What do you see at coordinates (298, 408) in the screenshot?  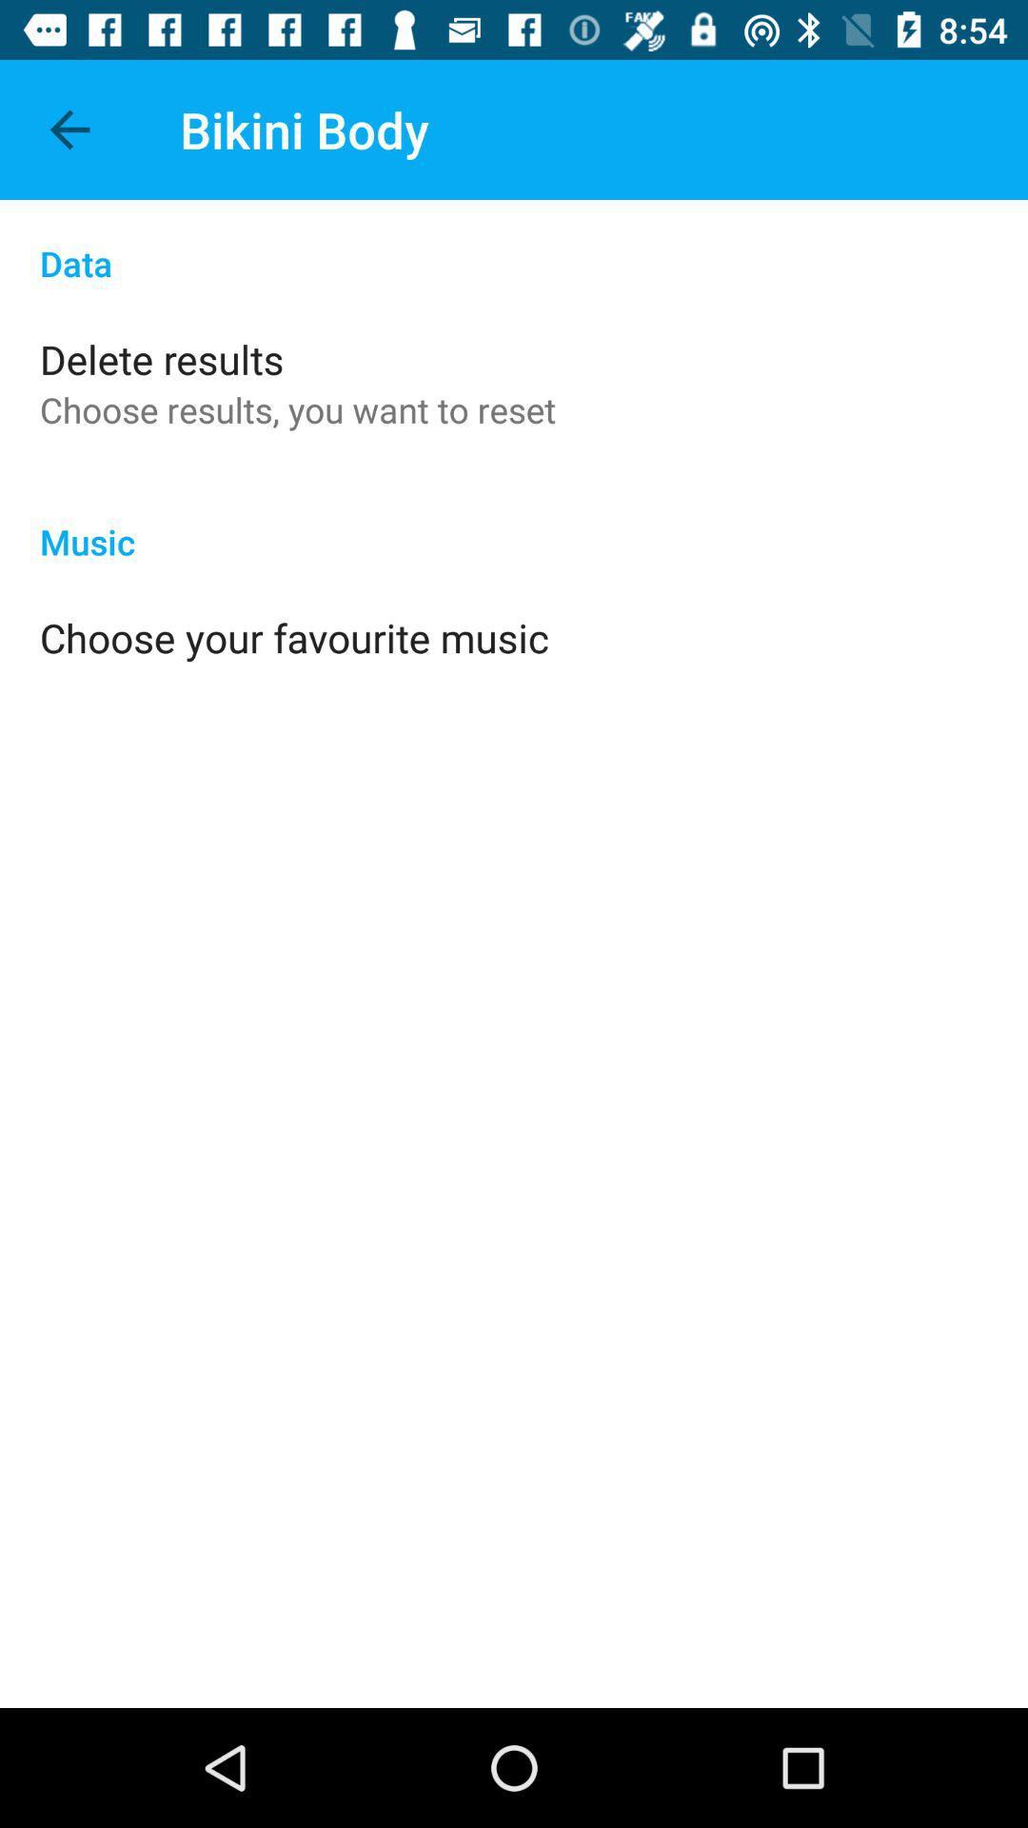 I see `the app below the delete results icon` at bounding box center [298, 408].